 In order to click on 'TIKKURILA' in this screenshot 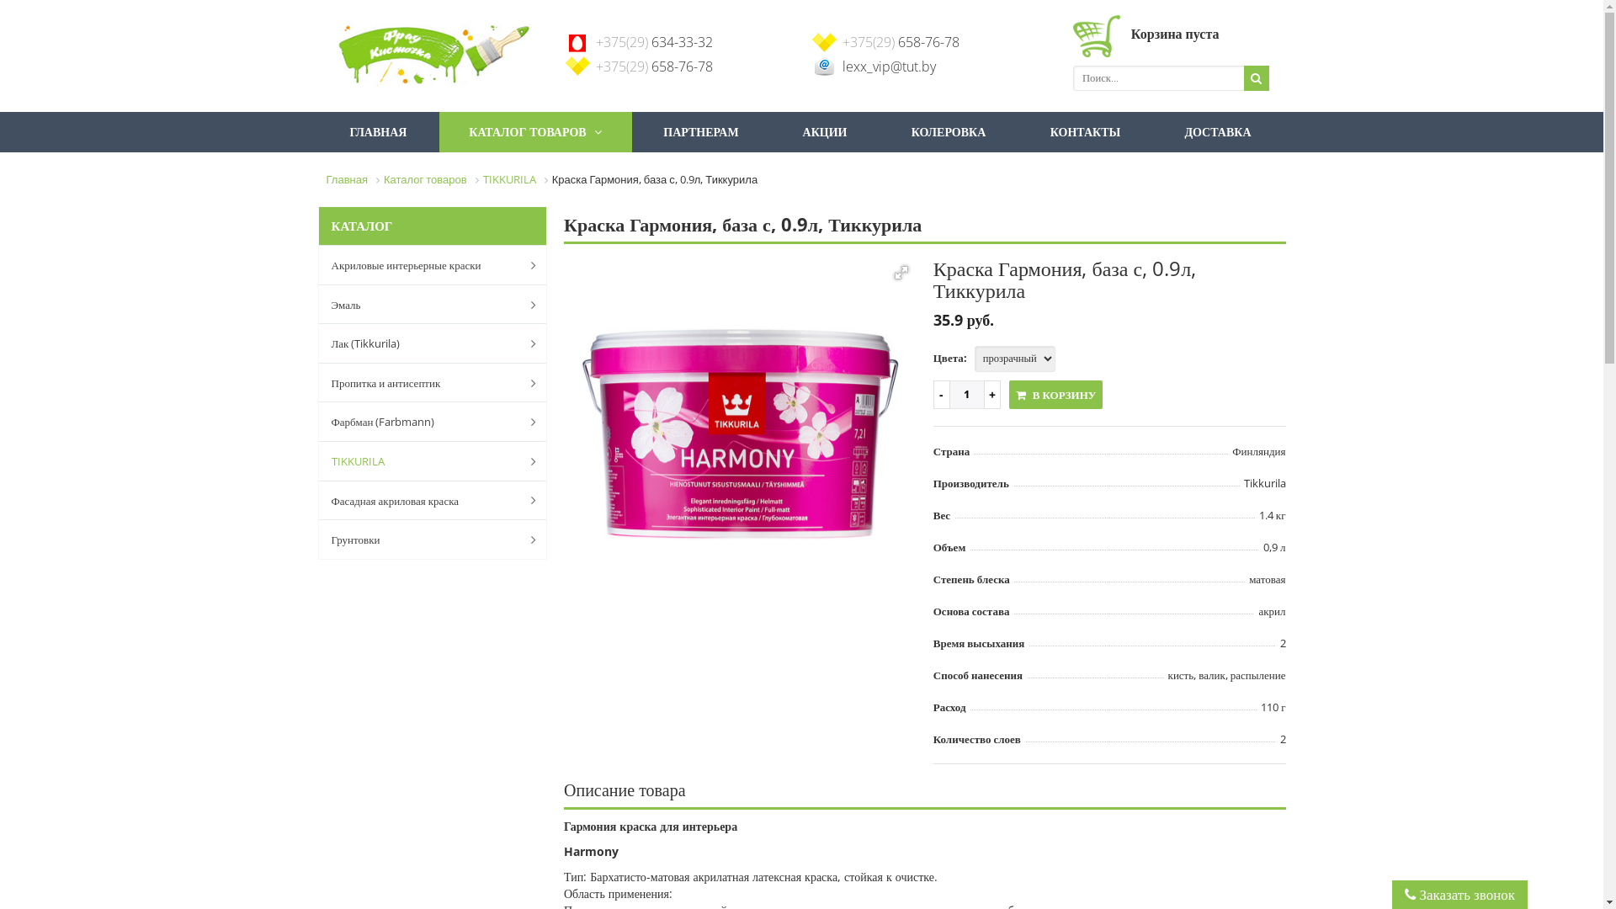, I will do `click(508, 178)`.